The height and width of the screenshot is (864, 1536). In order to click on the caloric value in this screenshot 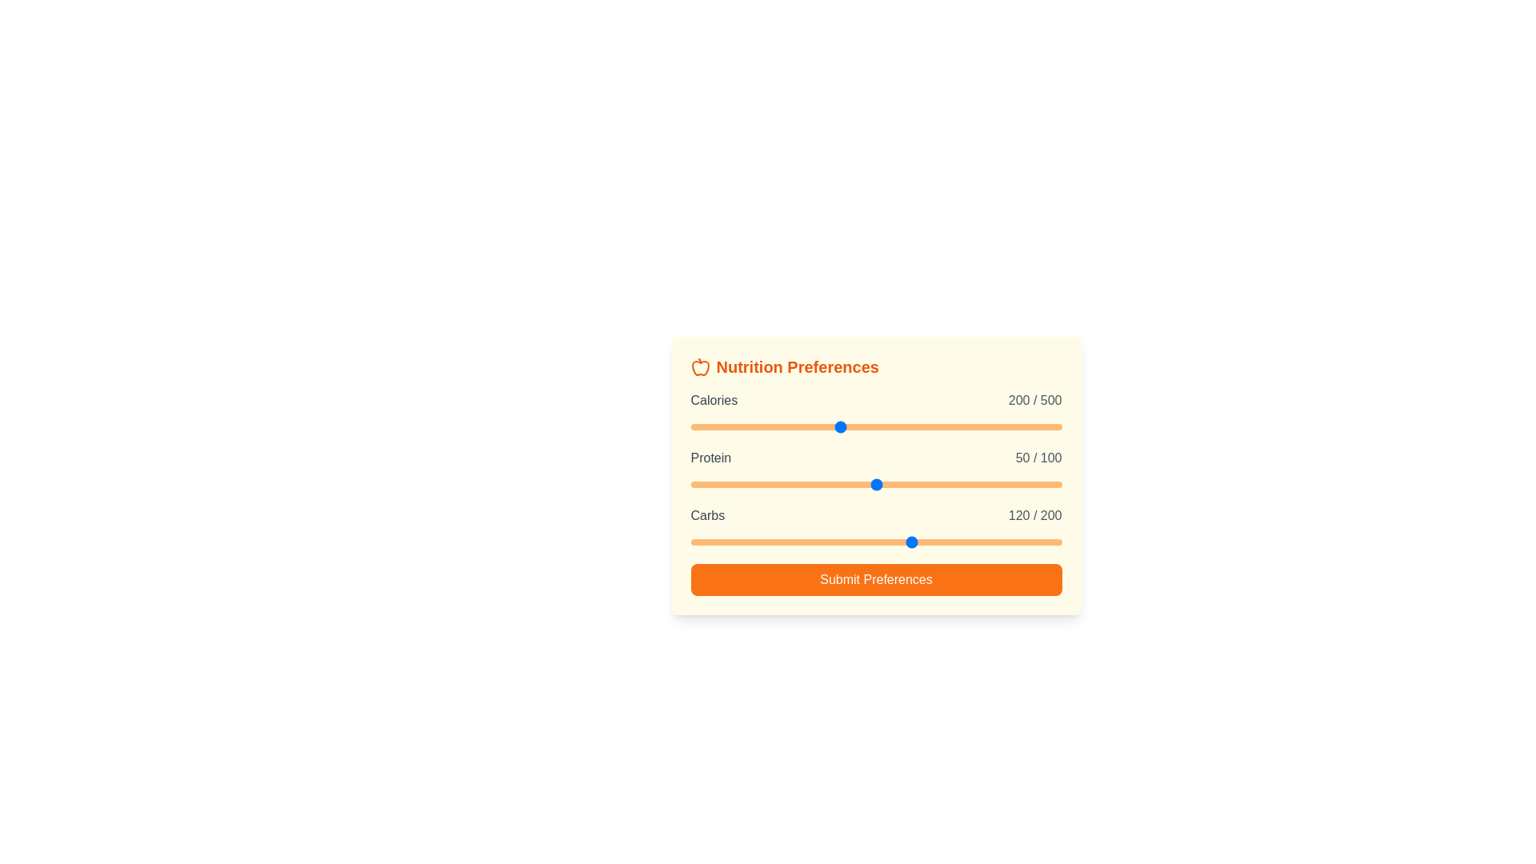, I will do `click(1054, 426)`.